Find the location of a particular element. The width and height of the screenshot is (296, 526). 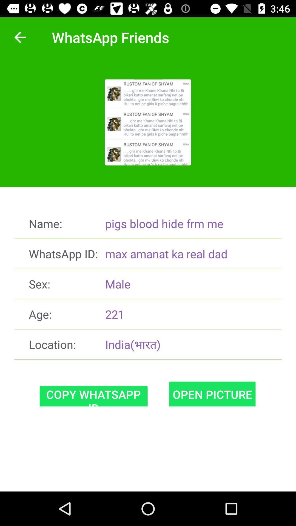

the item at the top left corner is located at coordinates (20, 37).